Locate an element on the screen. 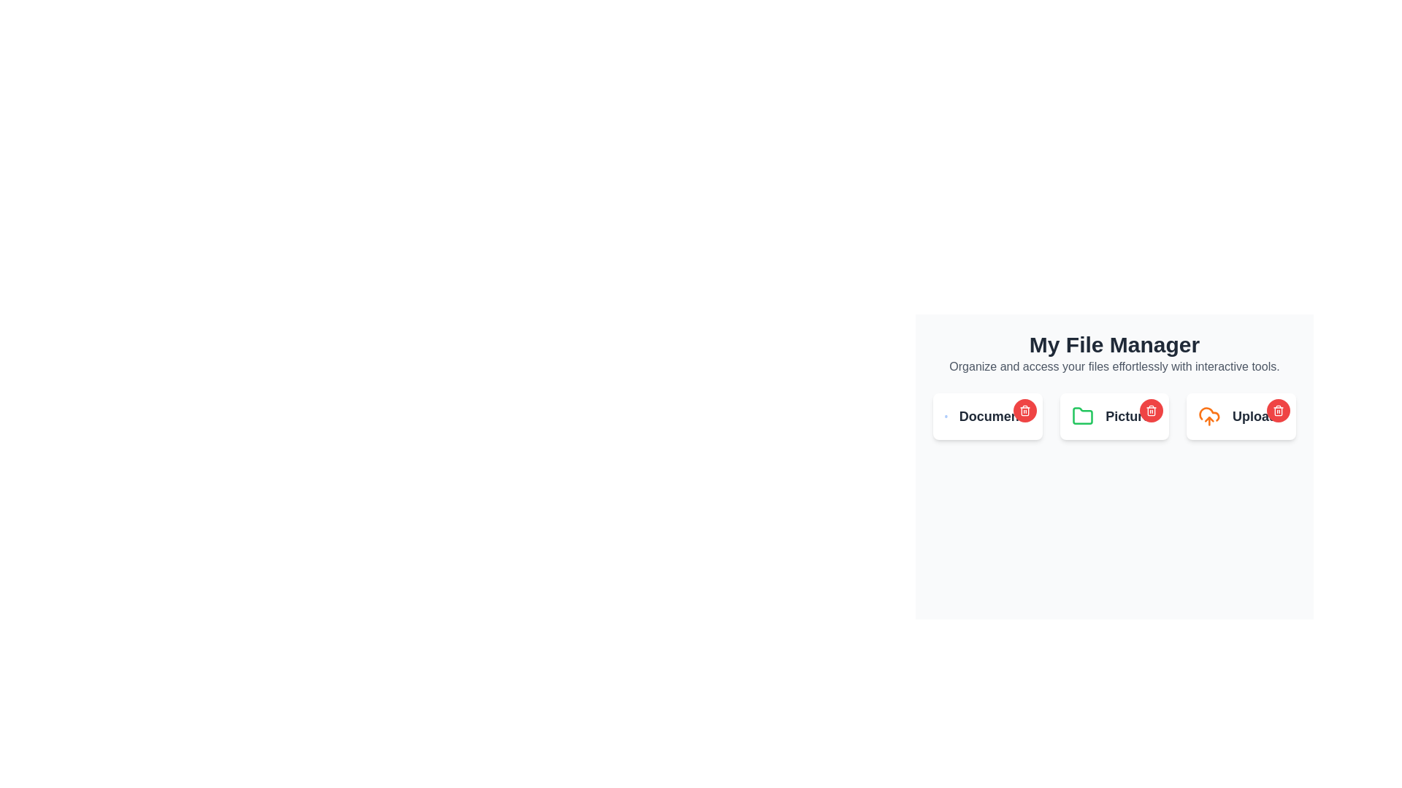 The image size is (1402, 788). the upload icon located in the third column next to the 'Uploads' text to initiate the upload action is located at coordinates (1209, 416).